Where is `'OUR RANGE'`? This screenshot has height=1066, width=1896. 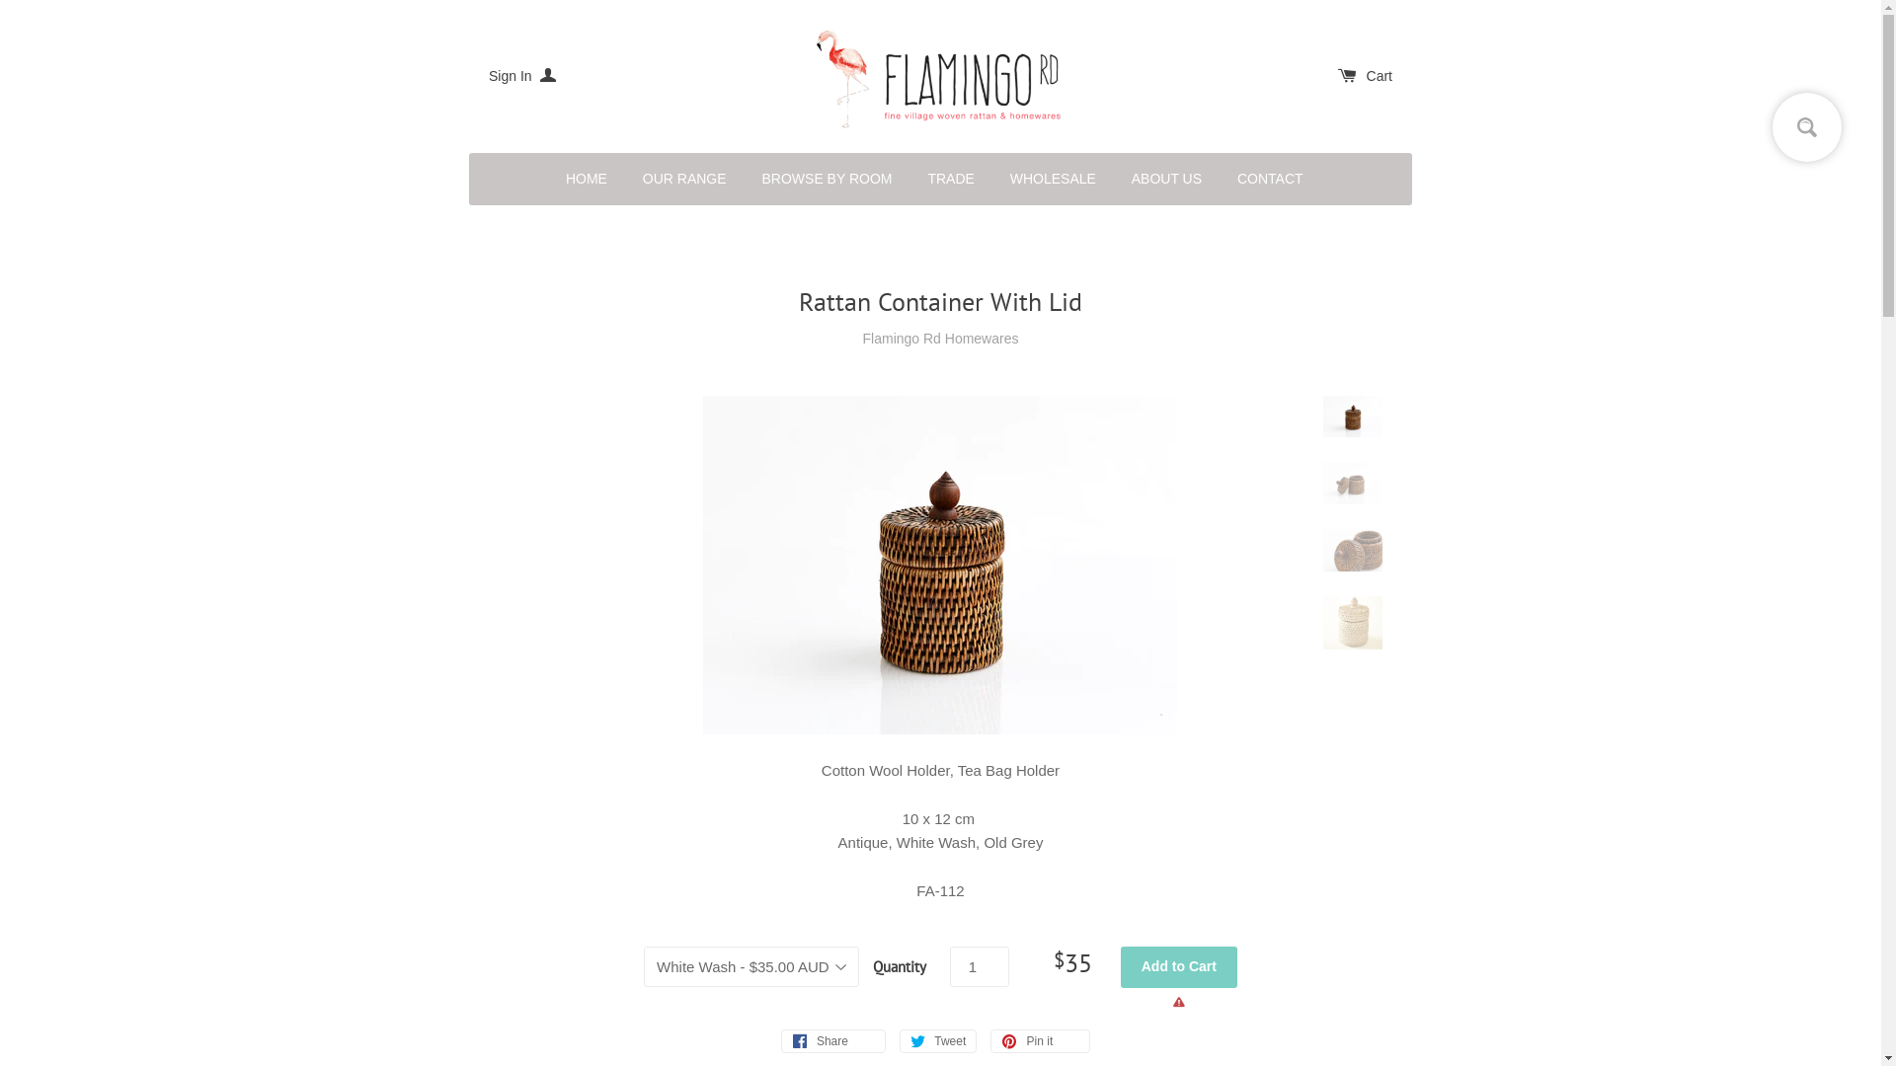 'OUR RANGE' is located at coordinates (684, 179).